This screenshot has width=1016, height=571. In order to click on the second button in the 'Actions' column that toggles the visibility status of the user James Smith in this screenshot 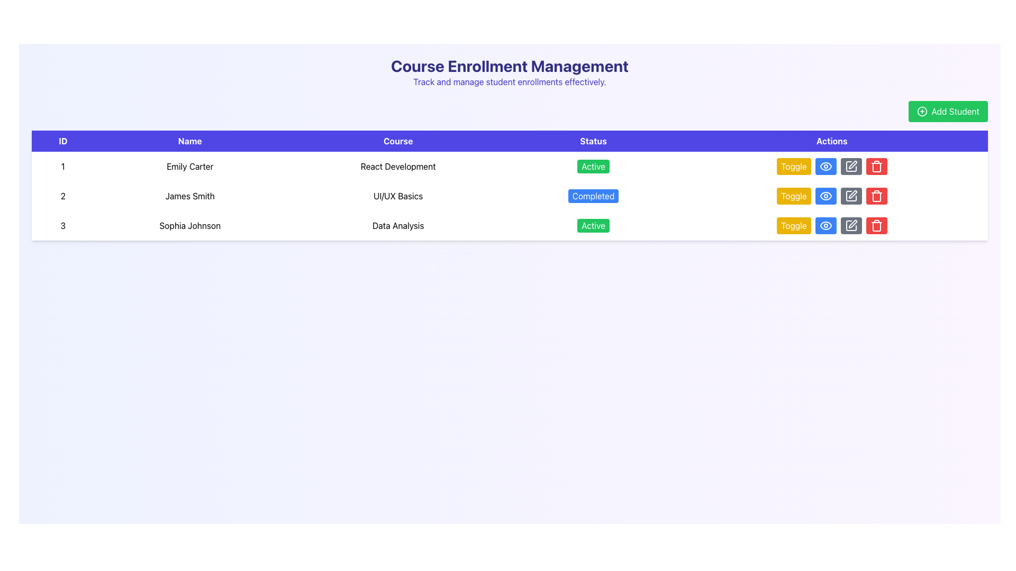, I will do `click(825, 167)`.